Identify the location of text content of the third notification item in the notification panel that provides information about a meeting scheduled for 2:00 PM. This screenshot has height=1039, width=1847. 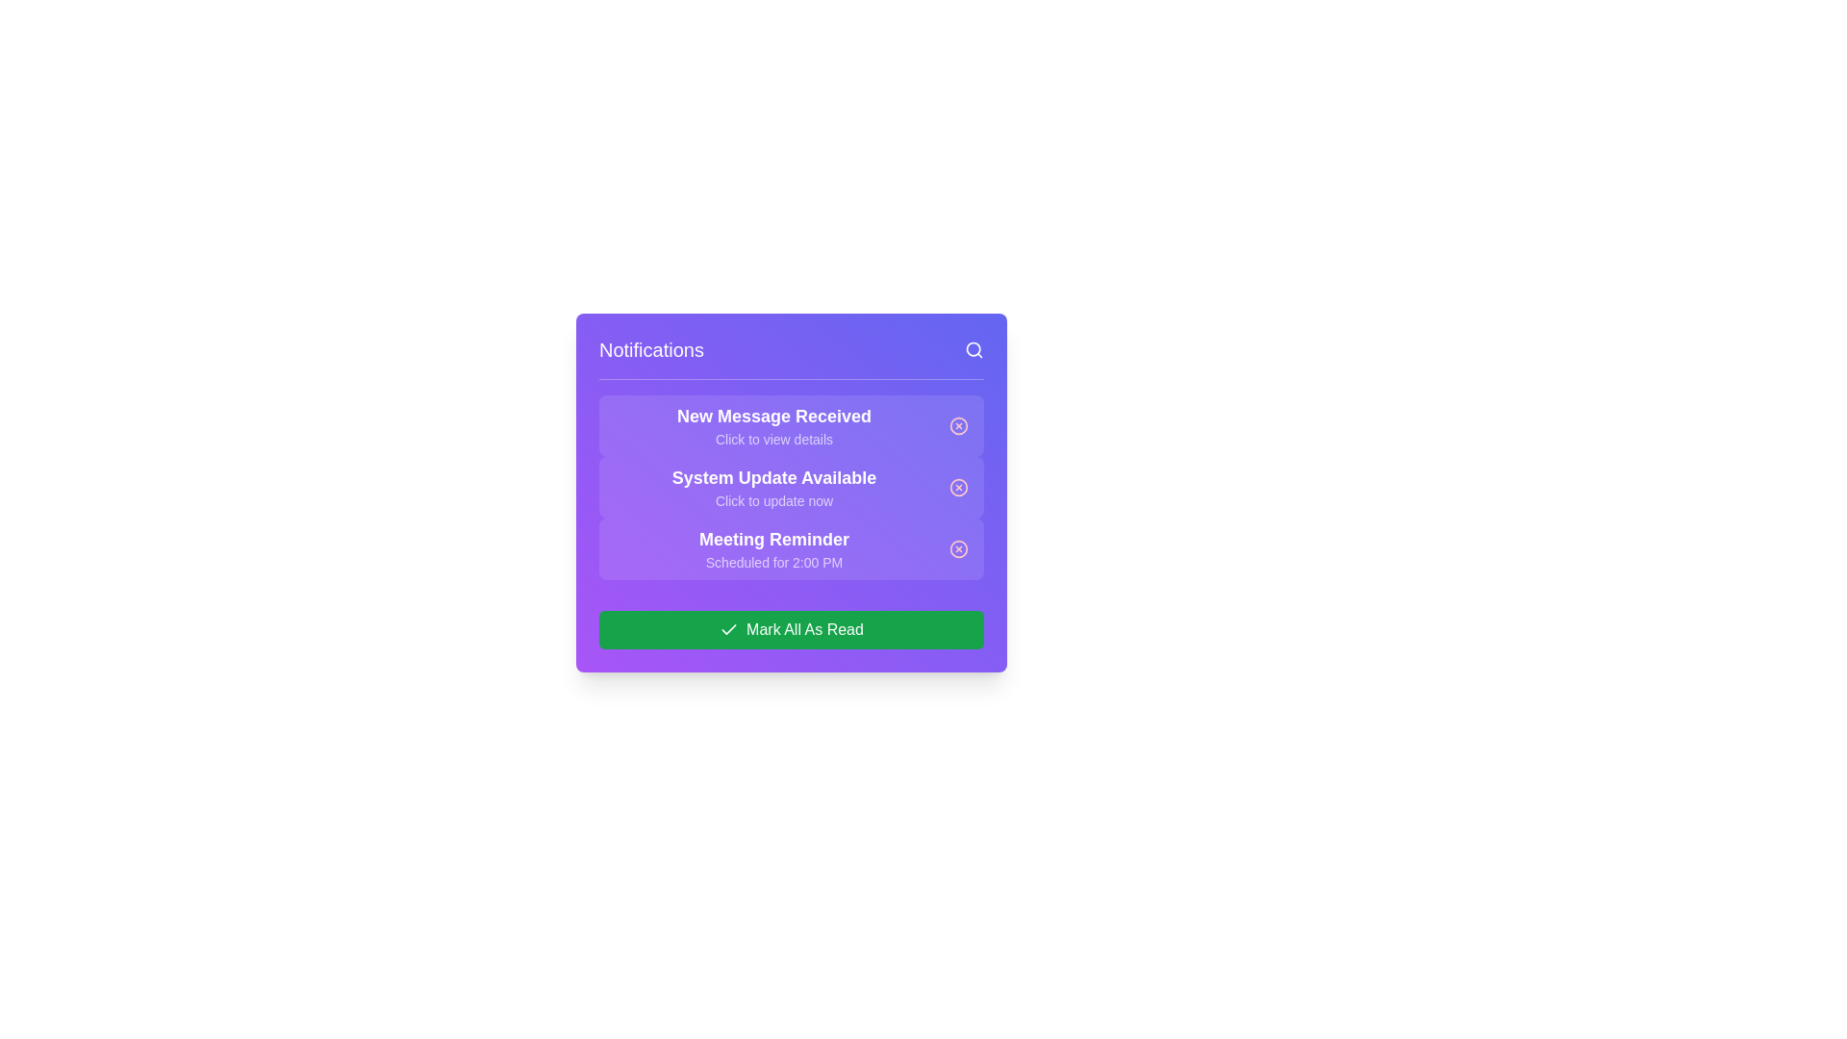
(774, 548).